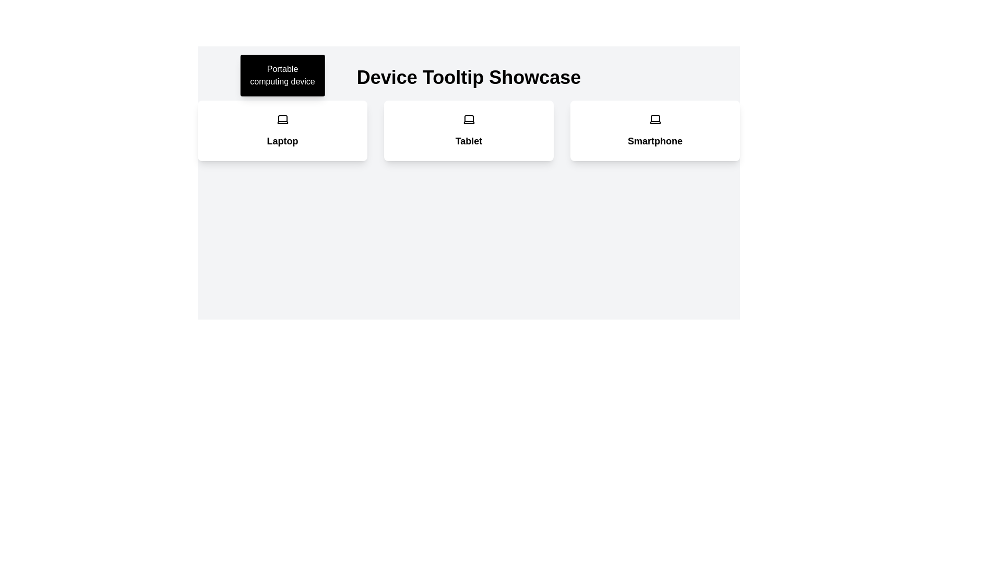  What do you see at coordinates (468, 141) in the screenshot?
I see `Text label displaying 'Tablet' which is bold, large-sized, and styled with a serif font, located centrally below a device icon` at bounding box center [468, 141].